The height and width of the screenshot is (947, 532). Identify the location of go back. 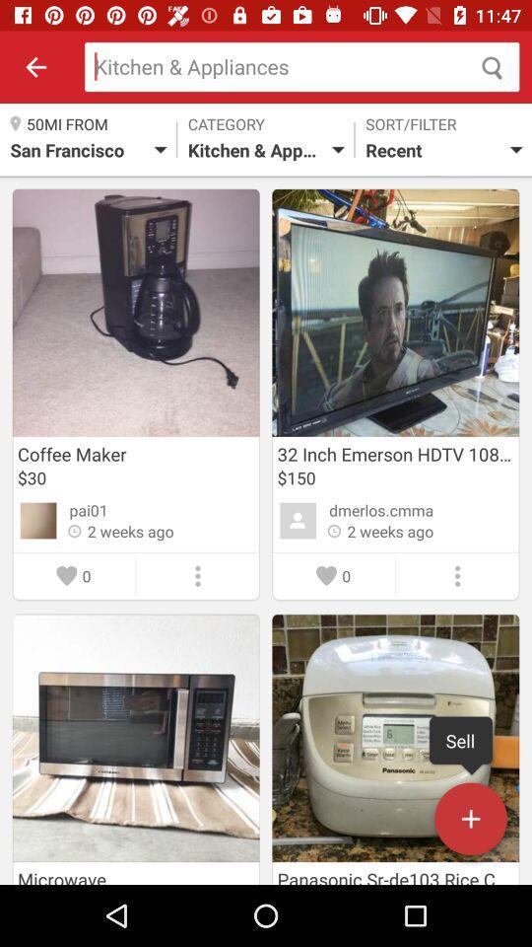
(35, 67).